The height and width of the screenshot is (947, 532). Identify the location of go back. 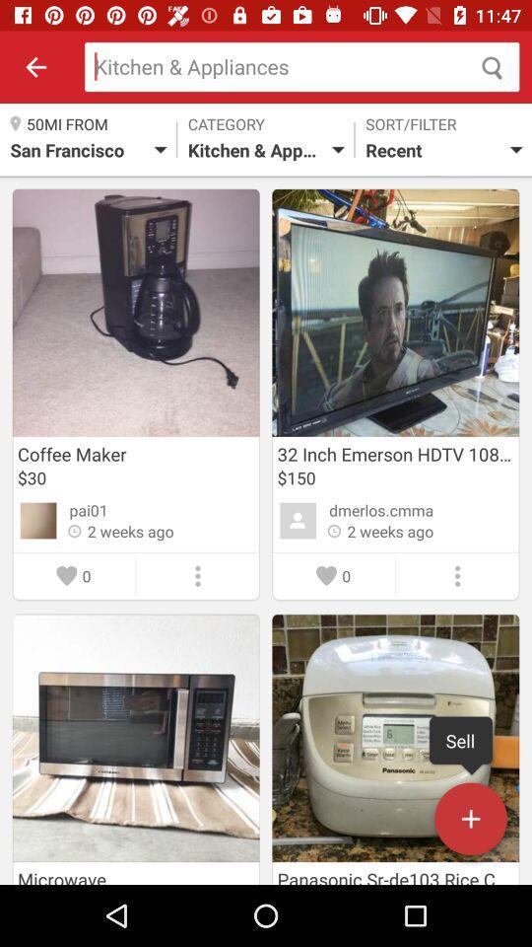
(35, 67).